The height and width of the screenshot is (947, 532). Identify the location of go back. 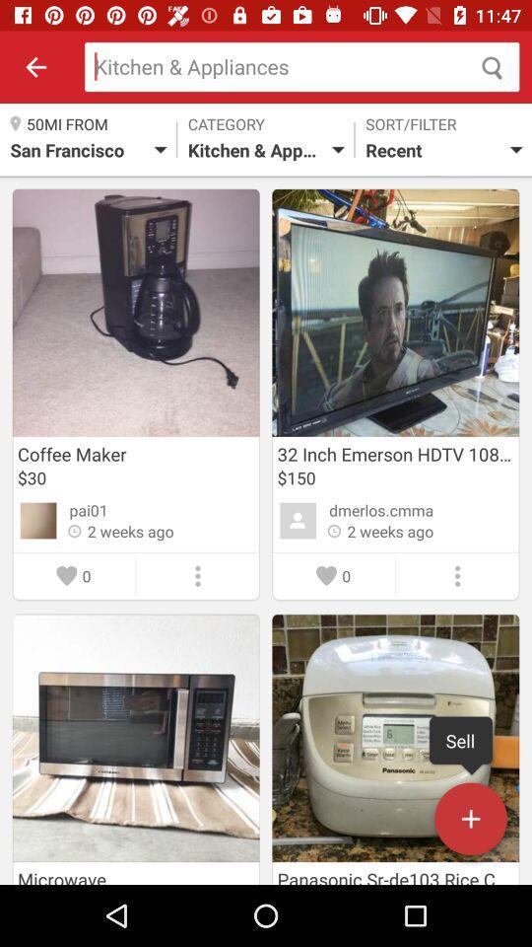
(35, 67).